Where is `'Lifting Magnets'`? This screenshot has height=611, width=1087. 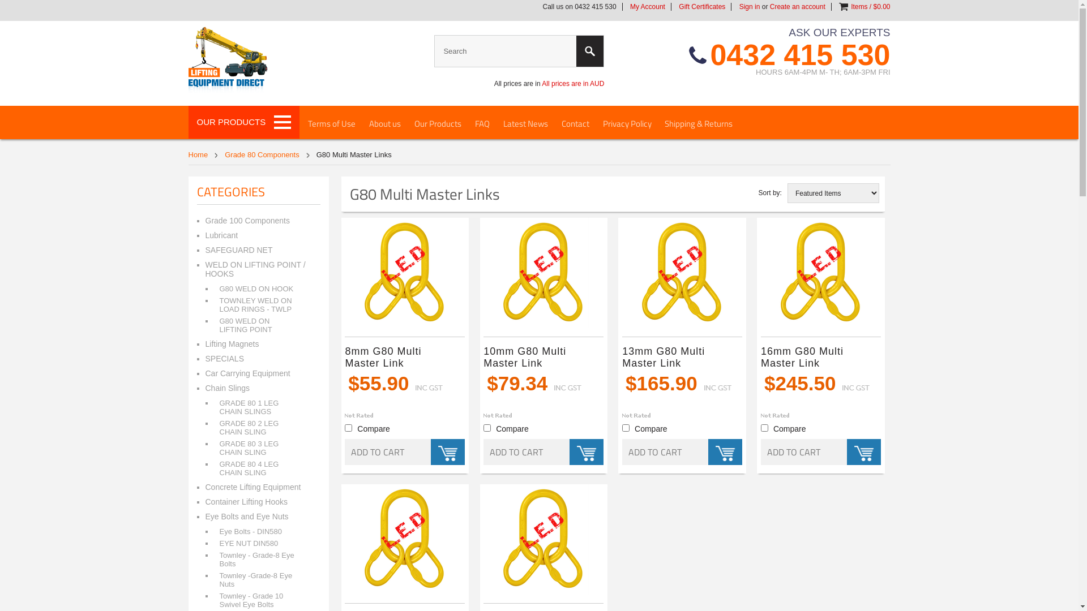 'Lifting Magnets' is located at coordinates (256, 343).